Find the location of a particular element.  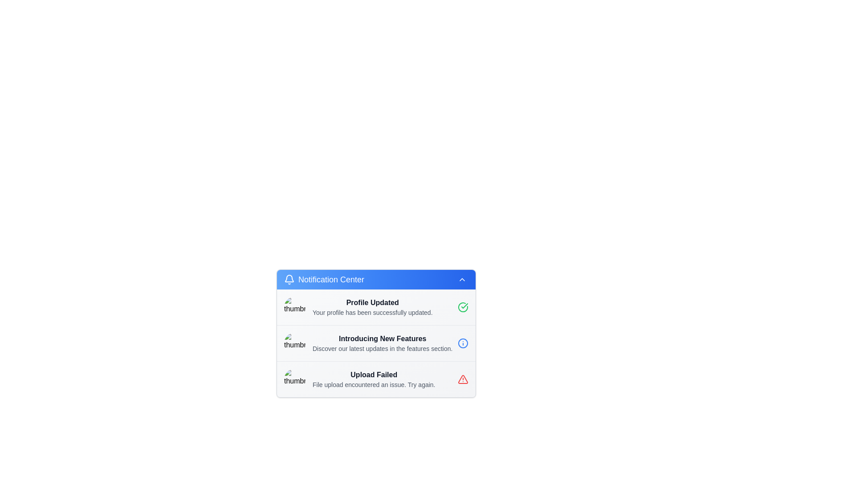

the central element of the bell-shaped notification icon located in the top-left section of the notification panel is located at coordinates (289, 278).